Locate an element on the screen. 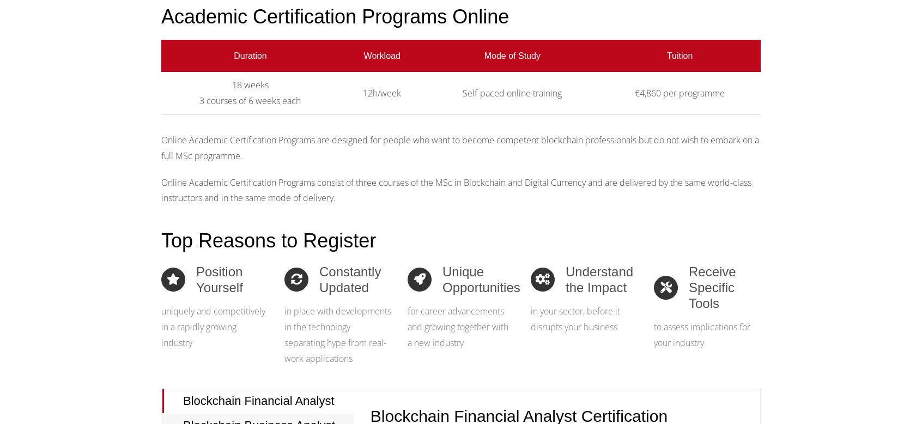  'Tuition' is located at coordinates (680, 54).